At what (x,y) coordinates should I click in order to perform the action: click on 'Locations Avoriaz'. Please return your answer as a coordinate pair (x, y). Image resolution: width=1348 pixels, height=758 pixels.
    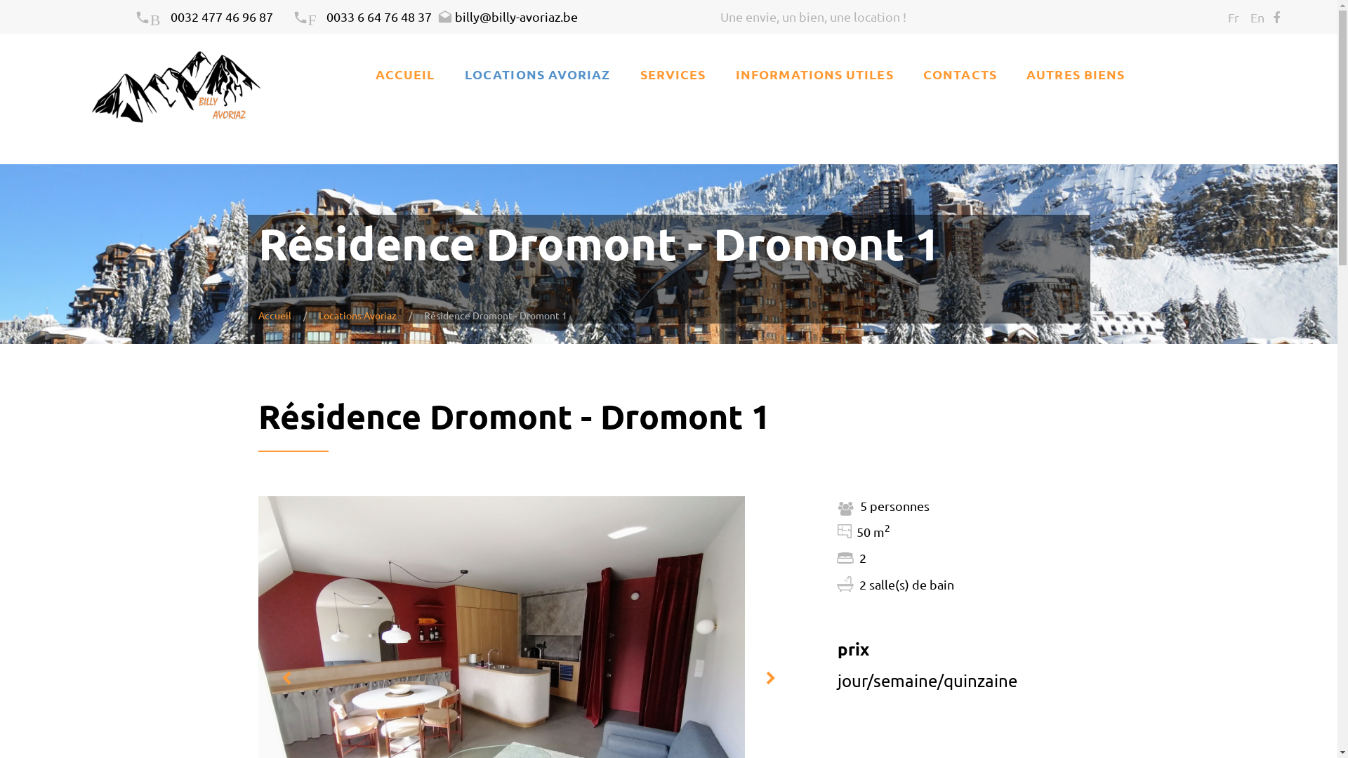
    Looking at the image, I should click on (357, 314).